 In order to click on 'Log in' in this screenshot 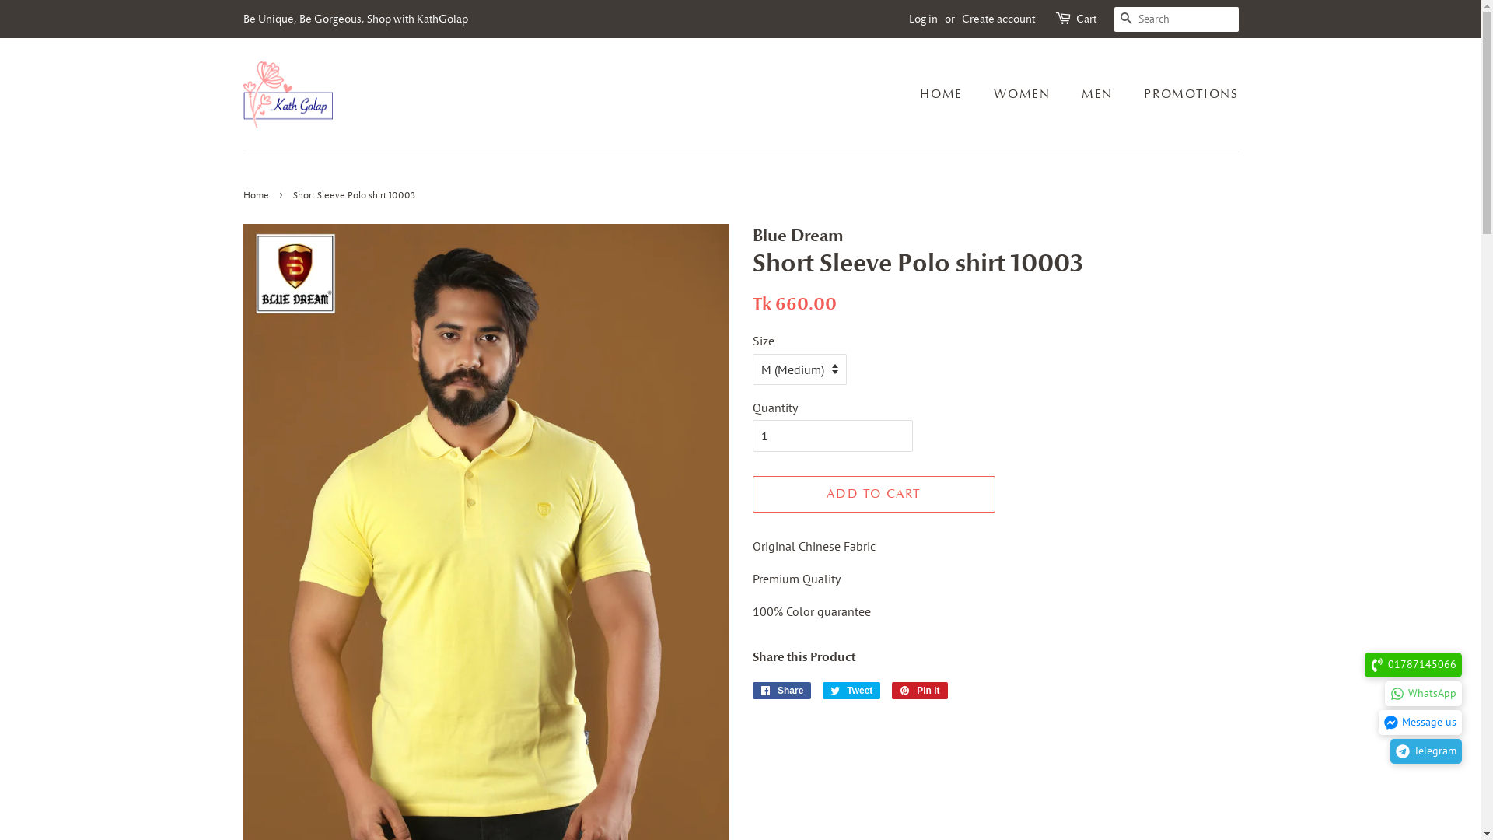, I will do `click(907, 18)`.